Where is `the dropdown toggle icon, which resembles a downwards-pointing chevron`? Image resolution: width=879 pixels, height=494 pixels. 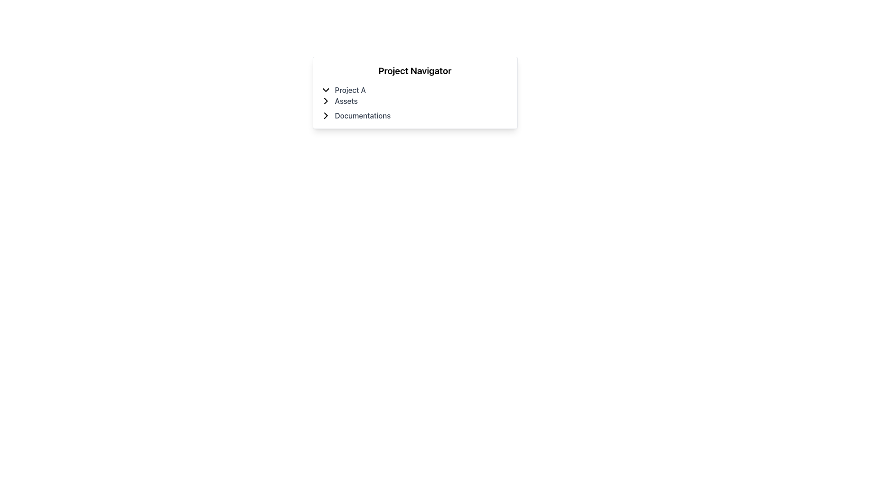 the dropdown toggle icon, which resembles a downwards-pointing chevron is located at coordinates (326, 90).